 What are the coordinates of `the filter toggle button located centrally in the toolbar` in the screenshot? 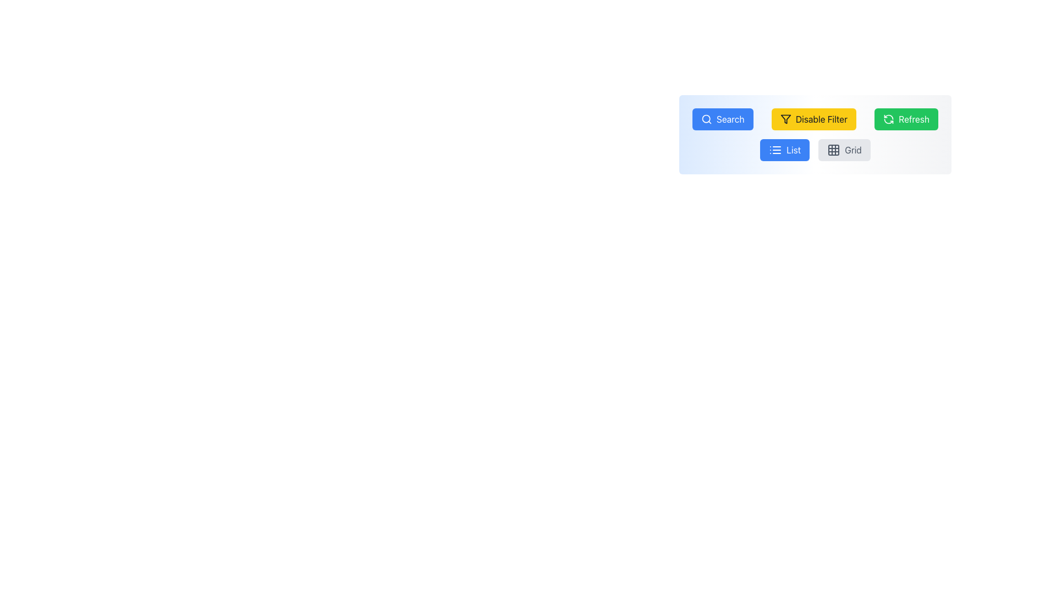 It's located at (813, 119).